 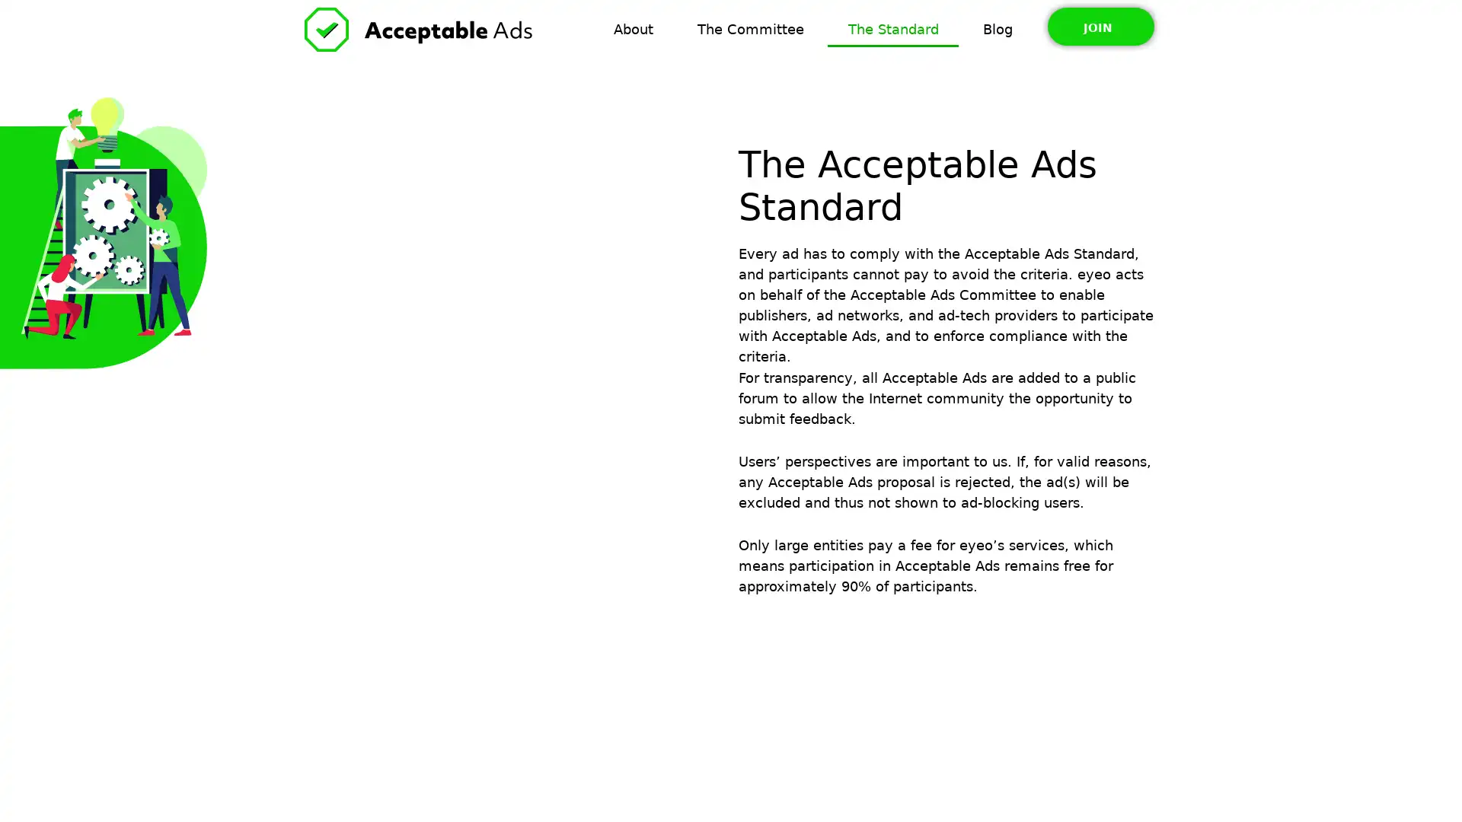 What do you see at coordinates (1100, 26) in the screenshot?
I see `JOIN` at bounding box center [1100, 26].